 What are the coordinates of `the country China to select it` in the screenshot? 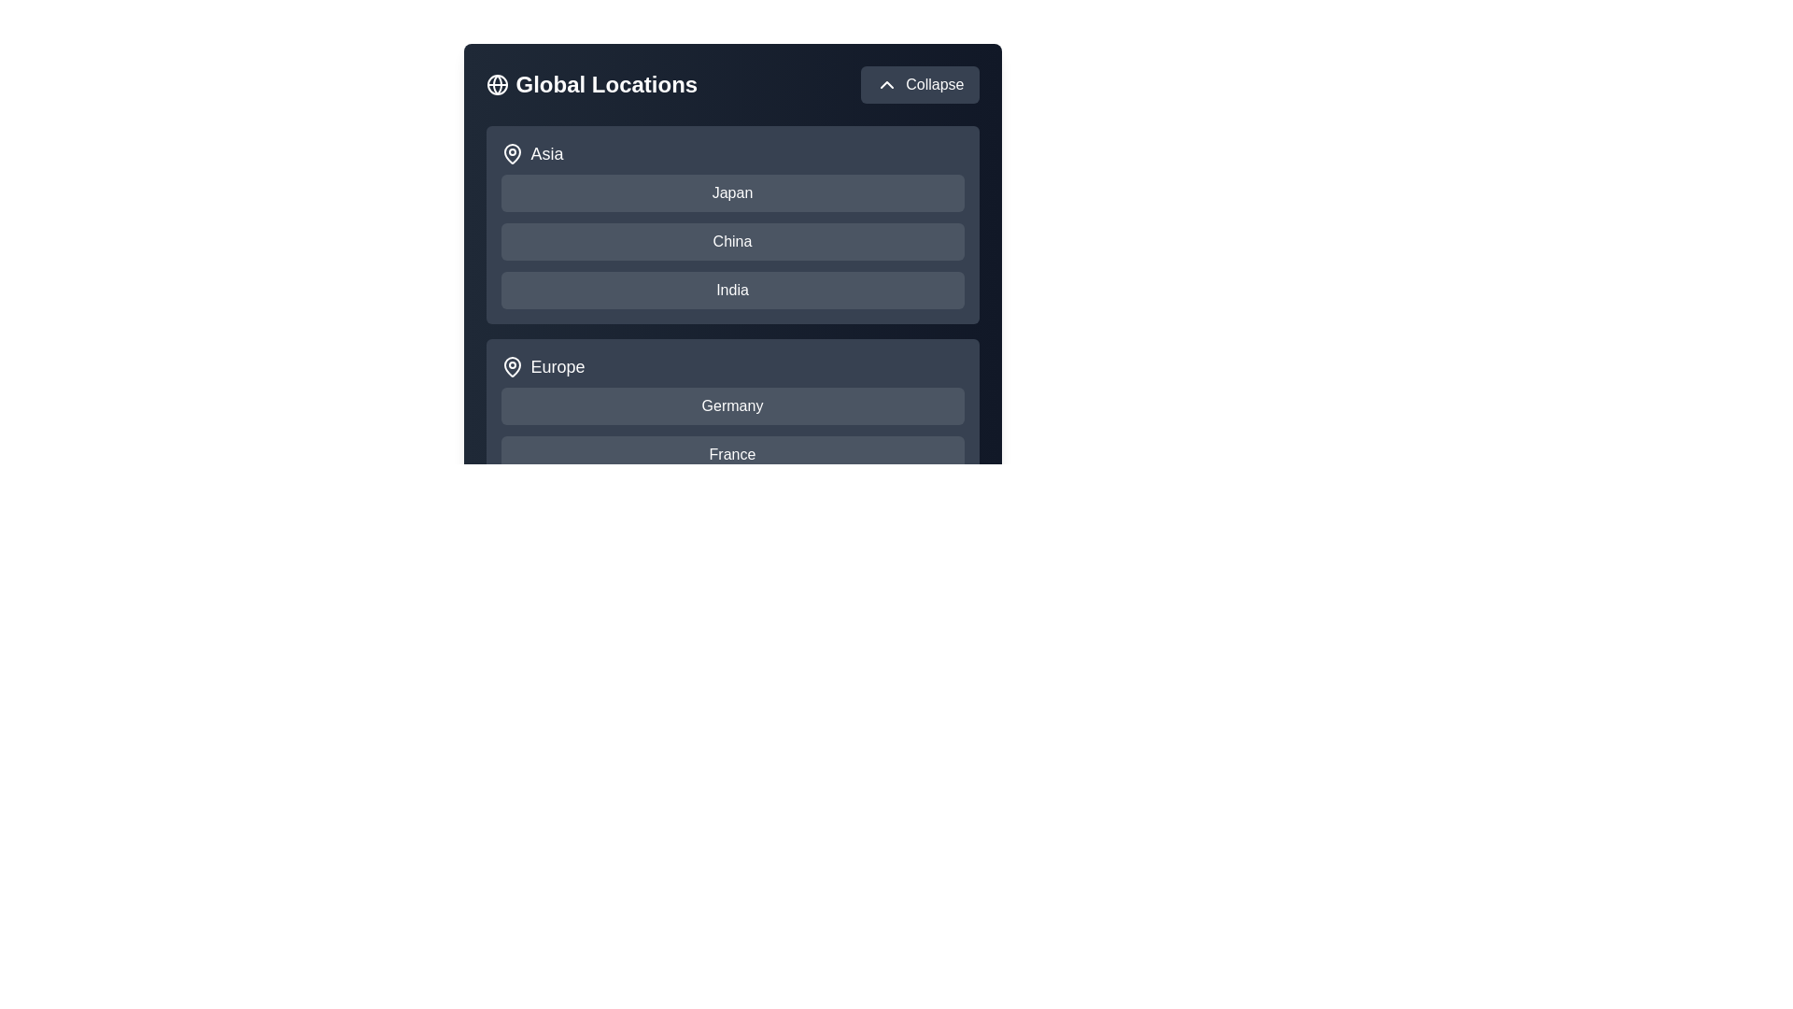 It's located at (731, 240).